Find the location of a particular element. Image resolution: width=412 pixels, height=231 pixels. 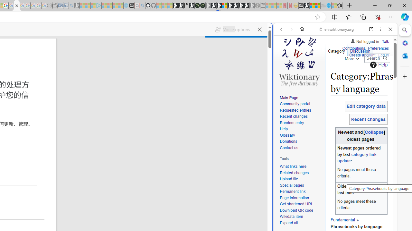

'Special pages' is located at coordinates (301, 185).